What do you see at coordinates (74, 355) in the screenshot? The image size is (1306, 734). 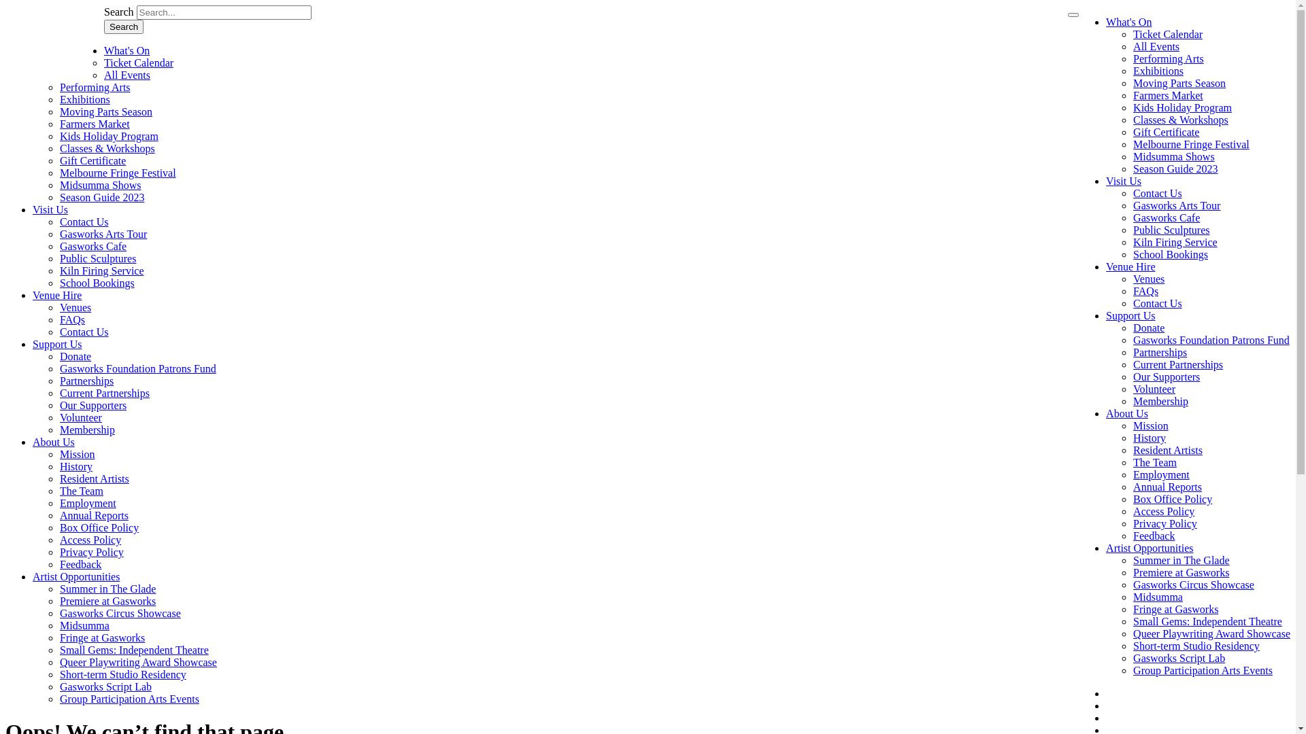 I see `'Donate'` at bounding box center [74, 355].